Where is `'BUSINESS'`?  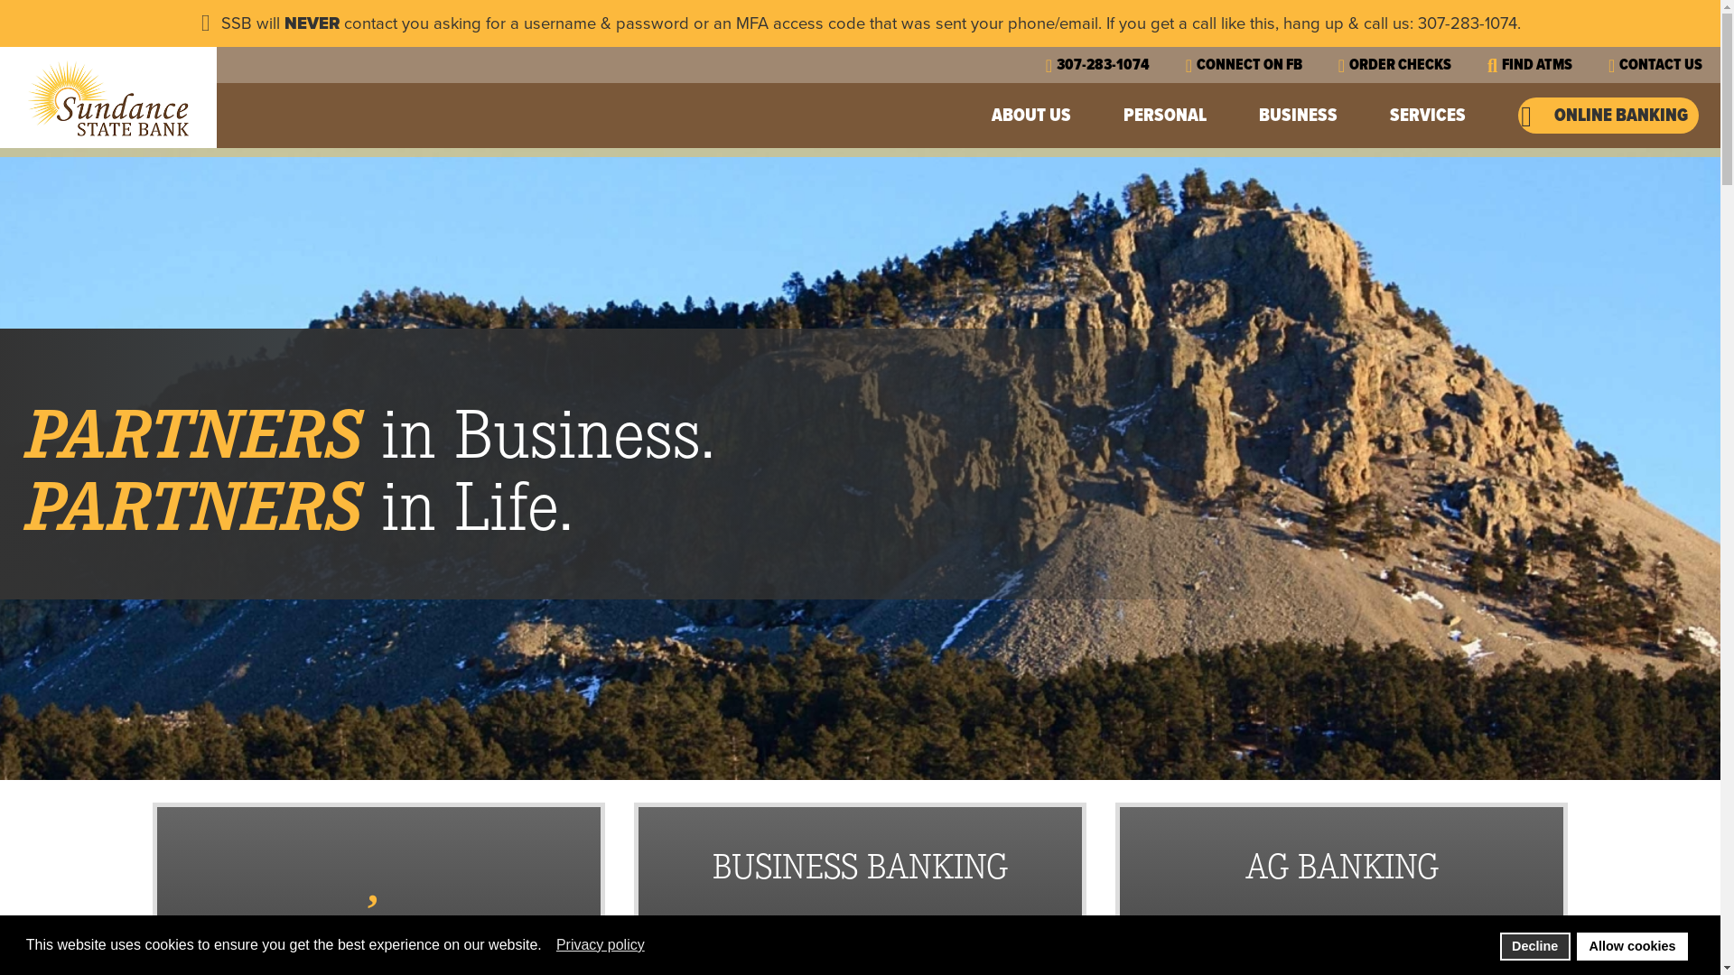 'BUSINESS' is located at coordinates (1257, 115).